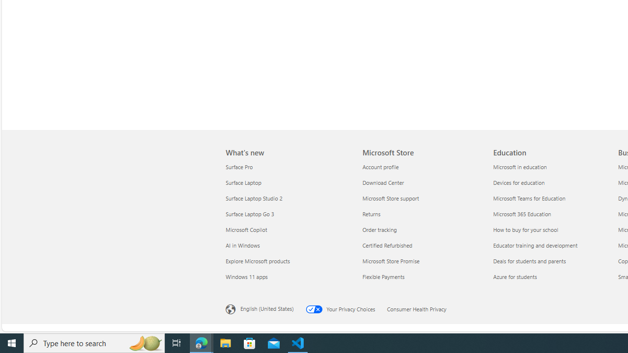 Image resolution: width=628 pixels, height=353 pixels. What do you see at coordinates (525, 229) in the screenshot?
I see `'How to buy for your school Education'` at bounding box center [525, 229].